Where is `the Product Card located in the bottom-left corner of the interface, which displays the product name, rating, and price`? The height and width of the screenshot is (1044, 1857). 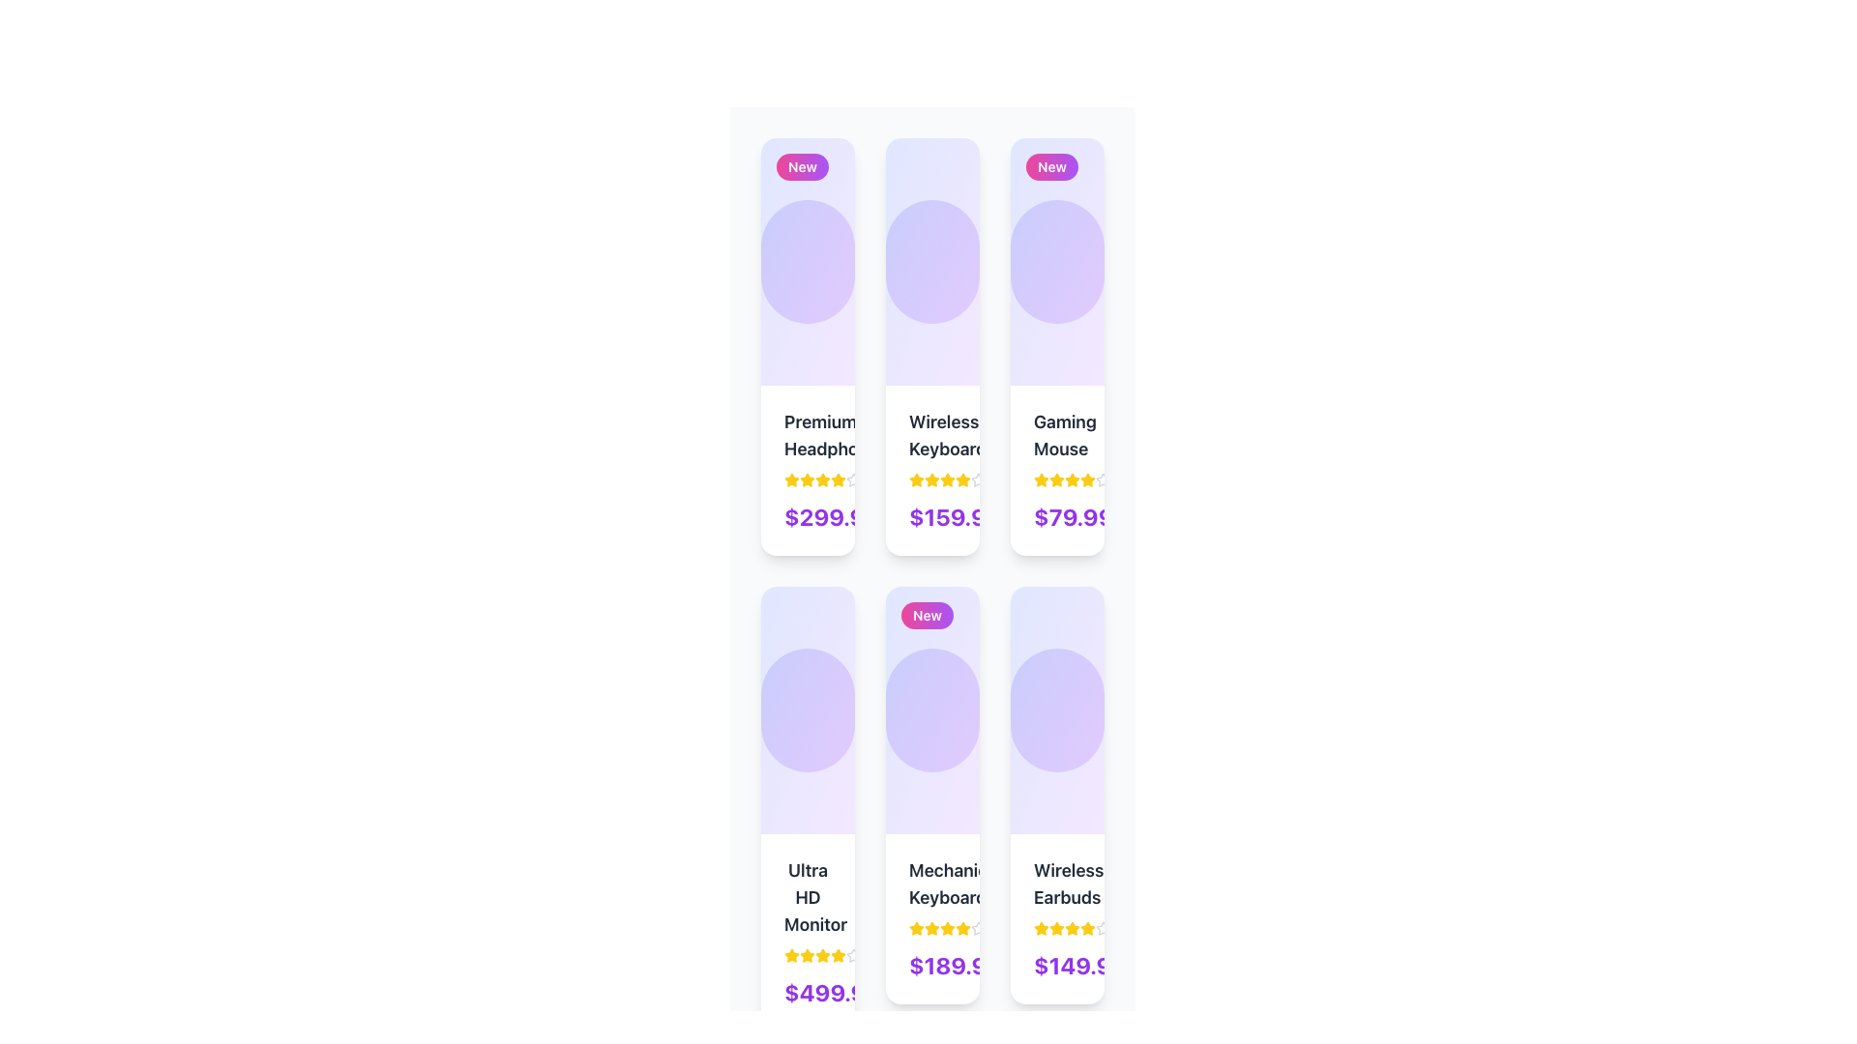
the Product Card located in the bottom-left corner of the interface, which displays the product name, rating, and price is located at coordinates (808, 931).